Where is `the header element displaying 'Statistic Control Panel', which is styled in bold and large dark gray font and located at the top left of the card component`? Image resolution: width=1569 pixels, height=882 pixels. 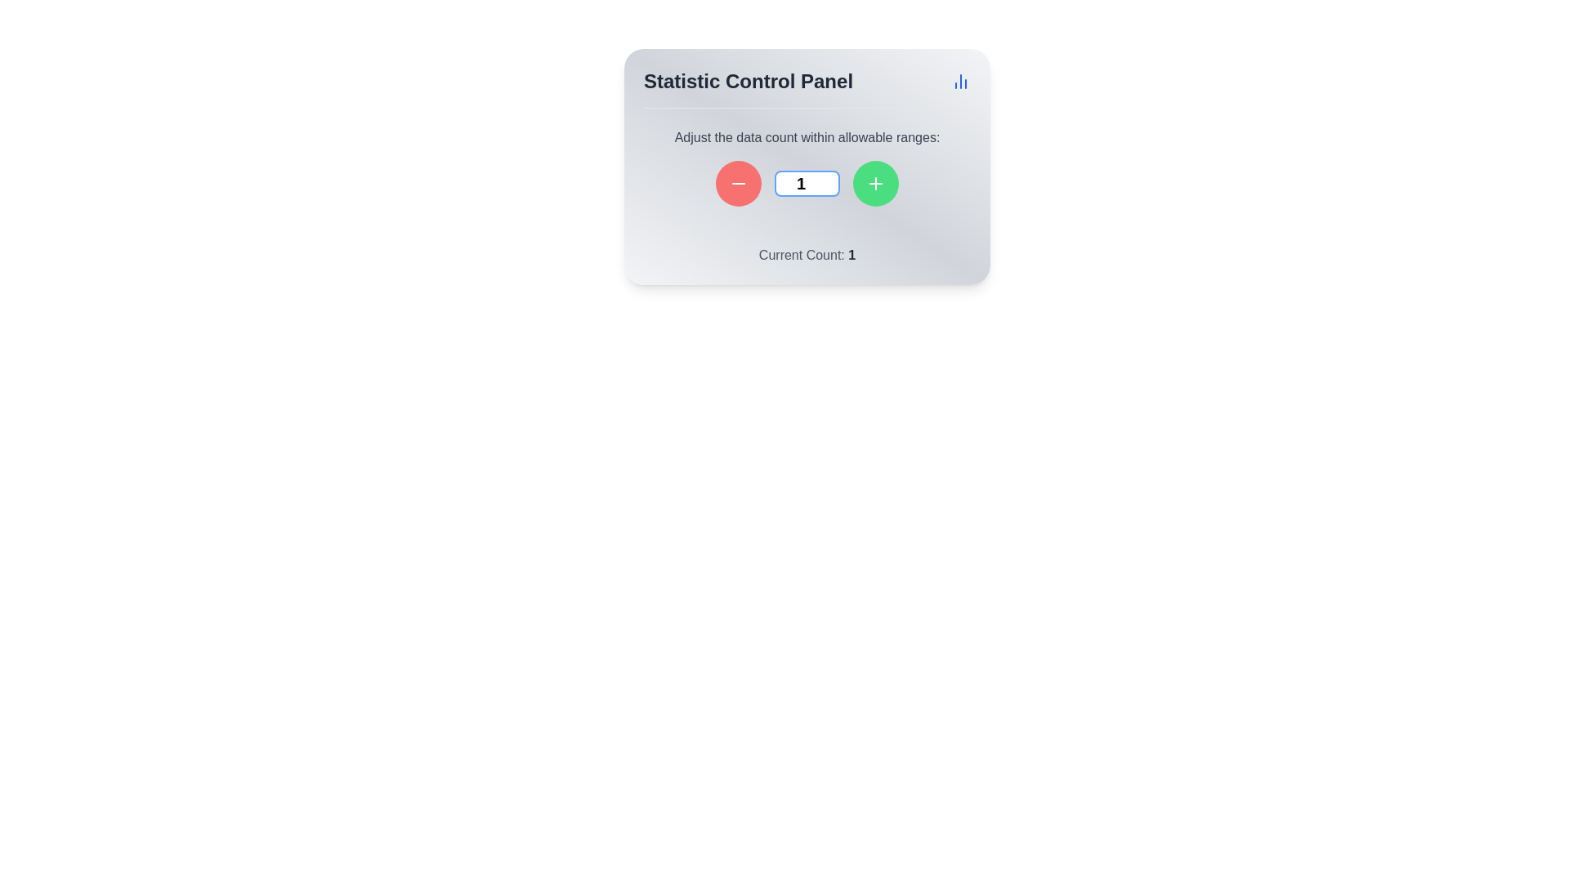 the header element displaying 'Statistic Control Panel', which is styled in bold and large dark gray font and located at the top left of the card component is located at coordinates (748, 82).